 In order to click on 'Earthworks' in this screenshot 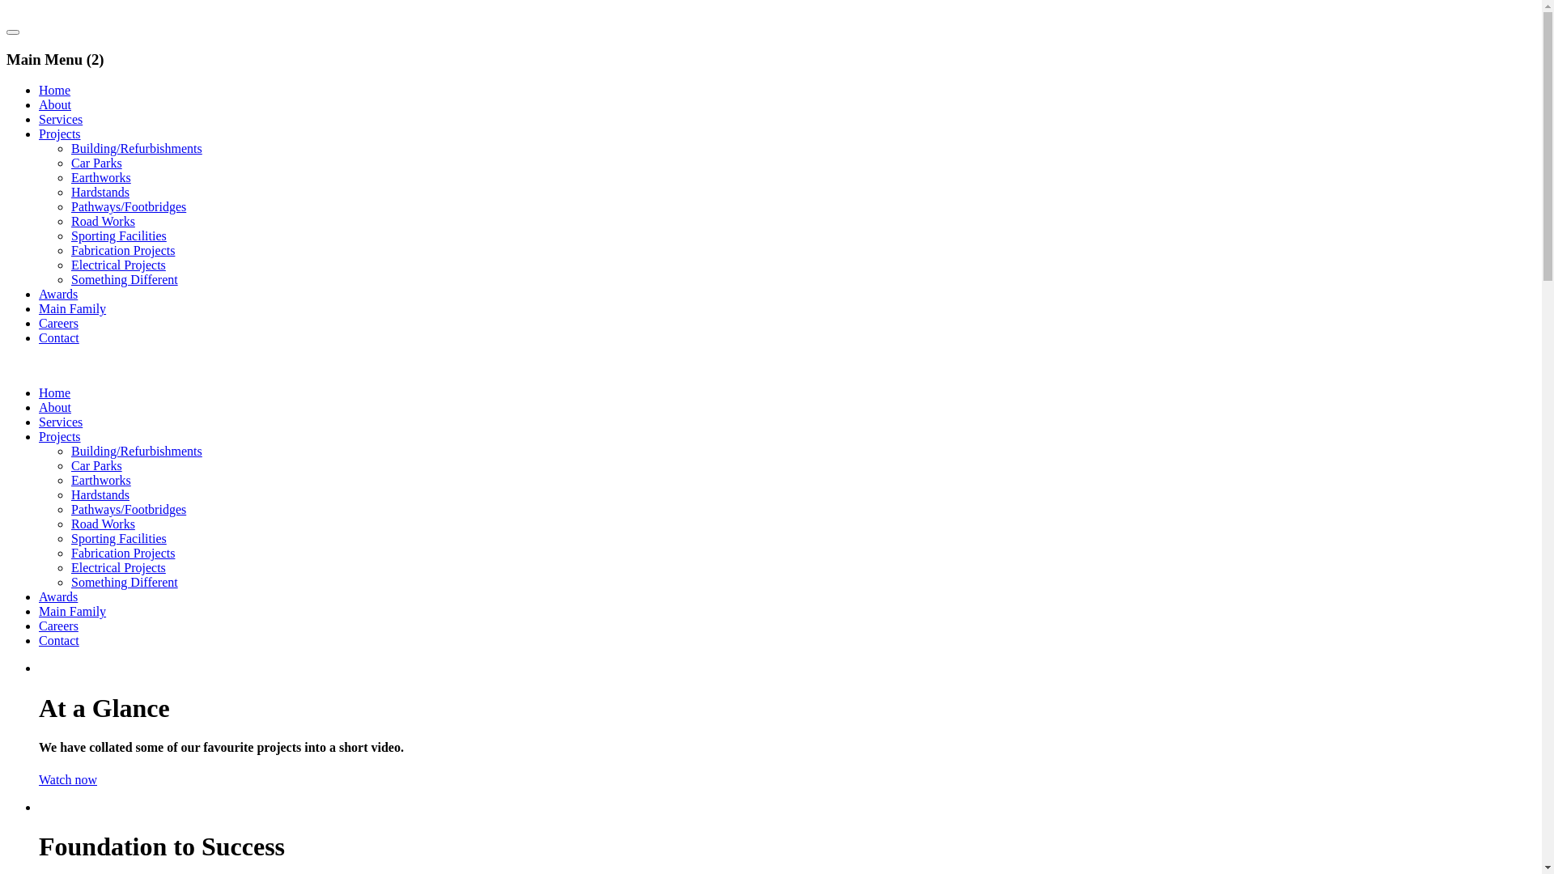, I will do `click(70, 479)`.